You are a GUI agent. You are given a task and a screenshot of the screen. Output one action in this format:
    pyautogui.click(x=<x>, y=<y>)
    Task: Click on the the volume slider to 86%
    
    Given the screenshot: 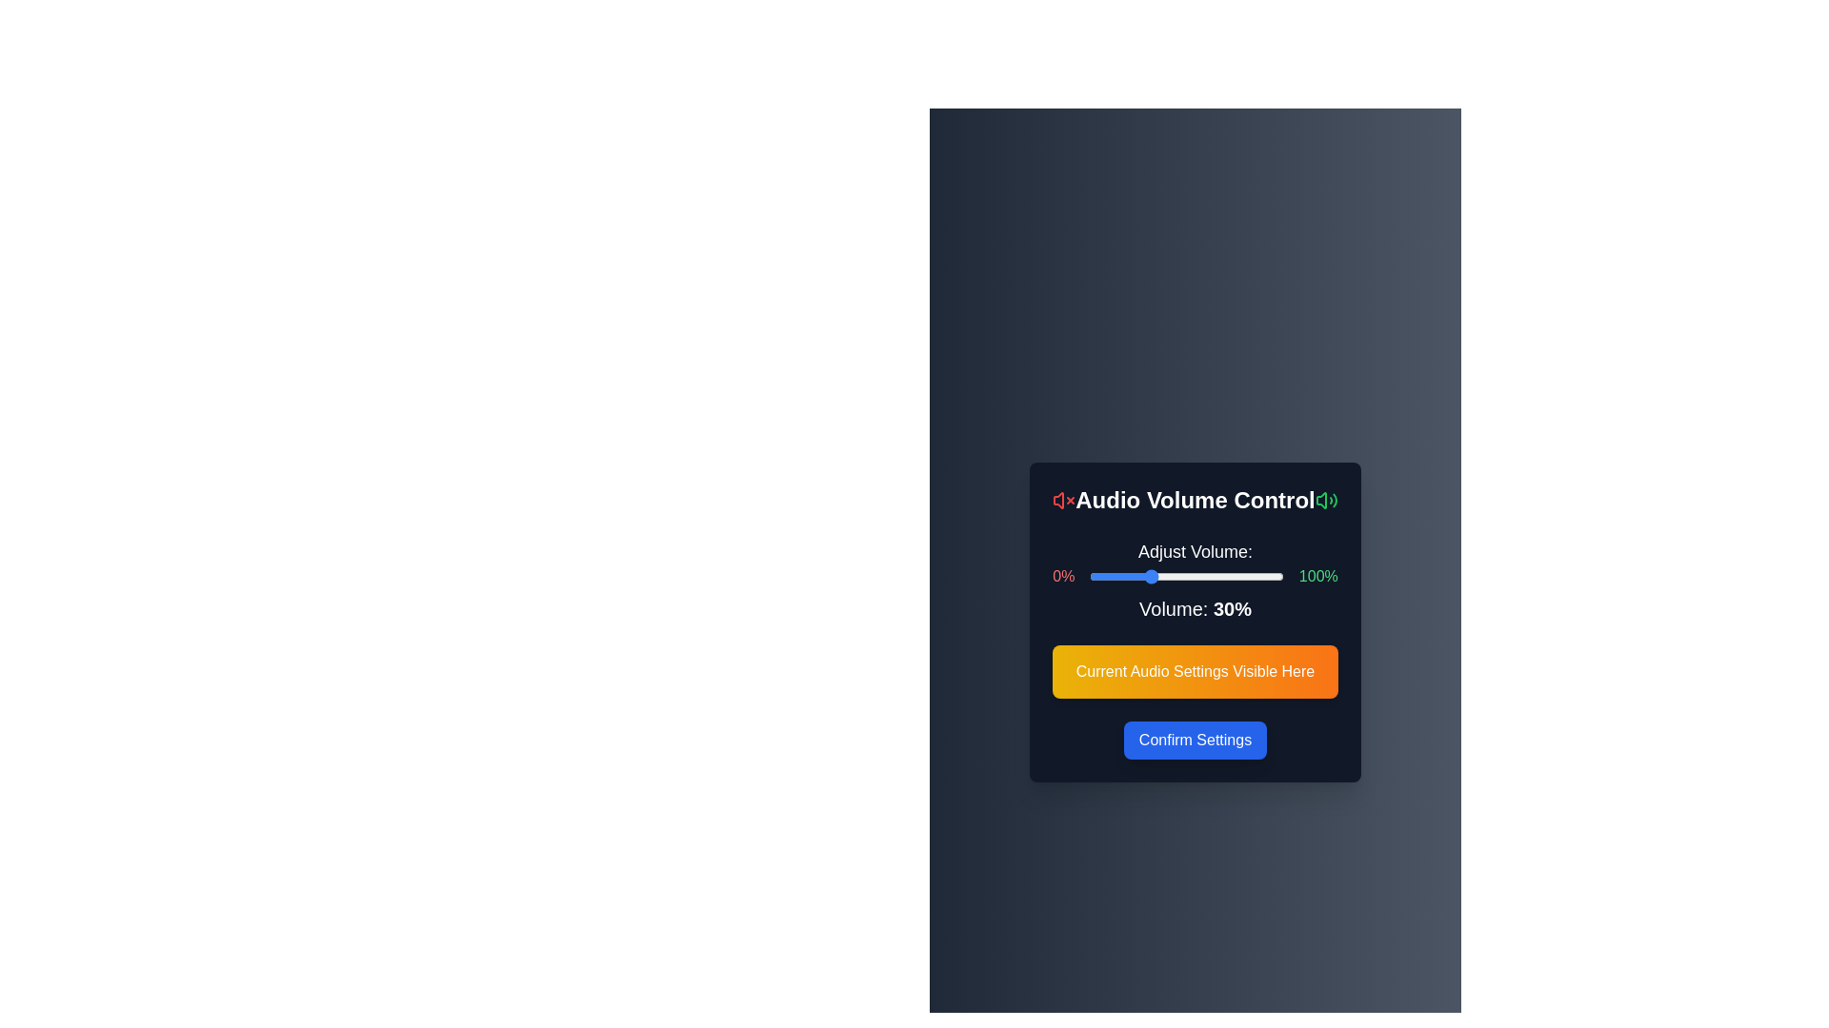 What is the action you would take?
    pyautogui.click(x=1256, y=575)
    